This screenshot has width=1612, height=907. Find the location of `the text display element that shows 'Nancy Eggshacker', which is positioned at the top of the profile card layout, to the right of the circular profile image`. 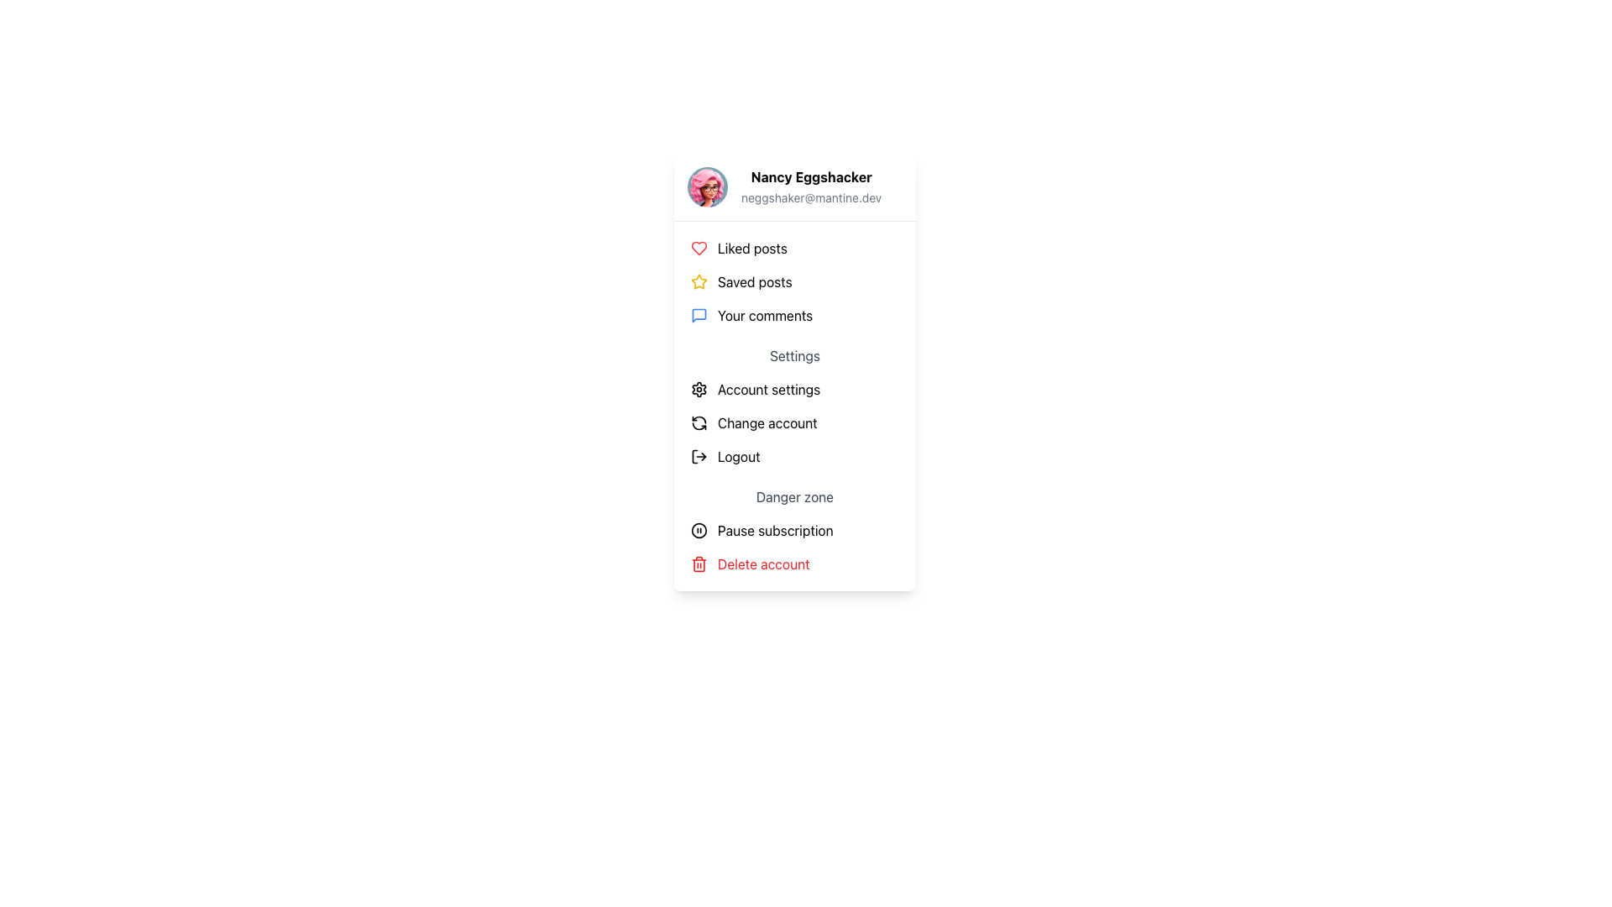

the text display element that shows 'Nancy Eggshacker', which is positioned at the top of the profile card layout, to the right of the circular profile image is located at coordinates (811, 177).